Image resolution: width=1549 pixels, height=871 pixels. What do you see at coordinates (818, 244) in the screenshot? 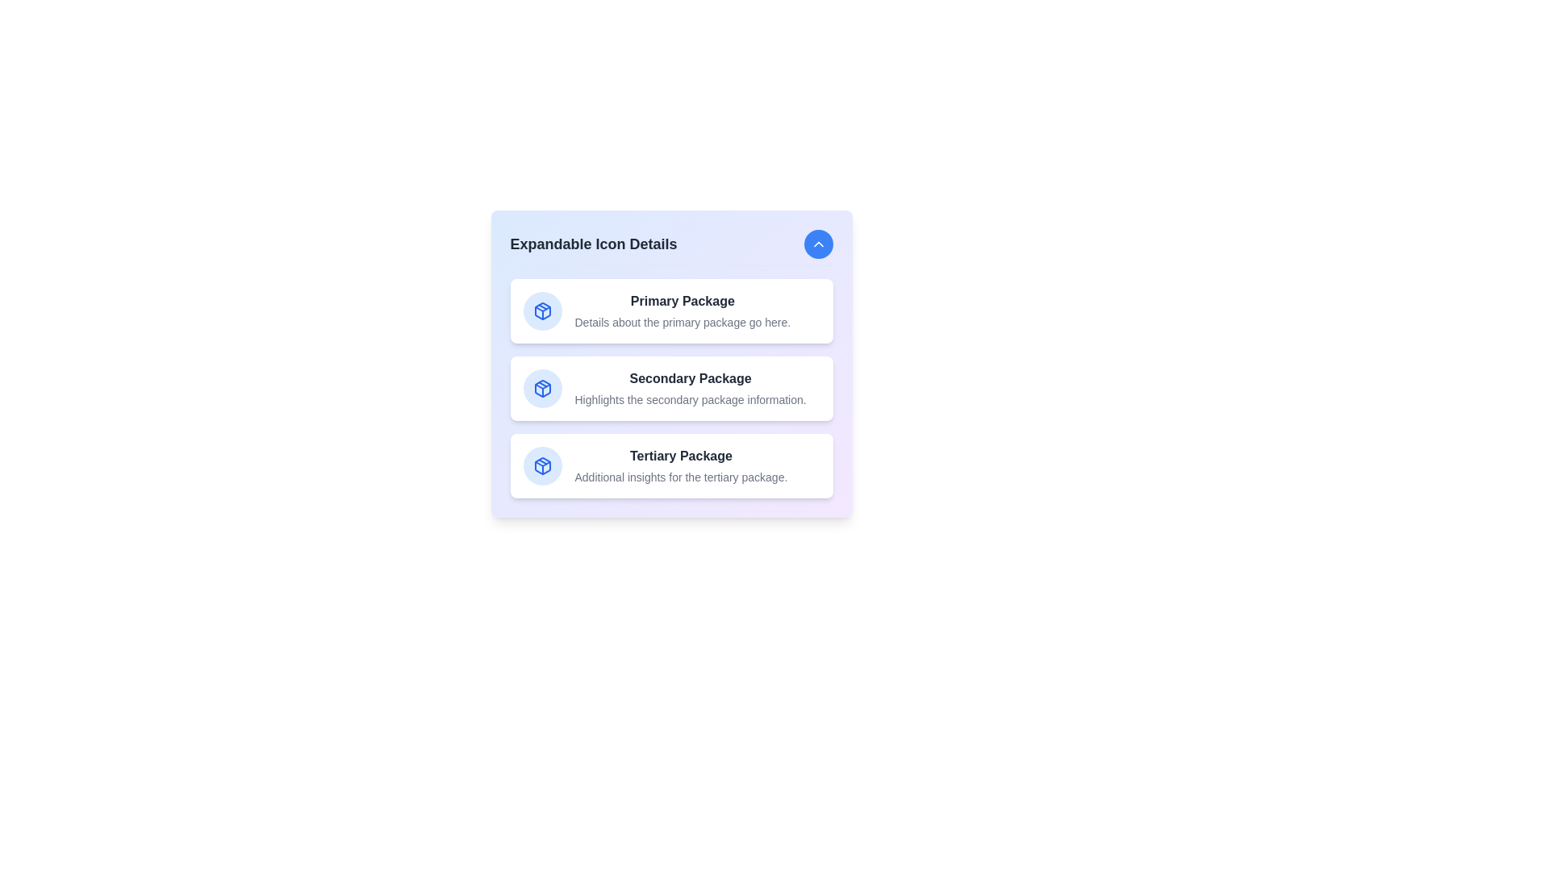
I see `the upward-pointing chevron icon button located in the upper-right corner of the 'Expandable Icon Details' card` at bounding box center [818, 244].